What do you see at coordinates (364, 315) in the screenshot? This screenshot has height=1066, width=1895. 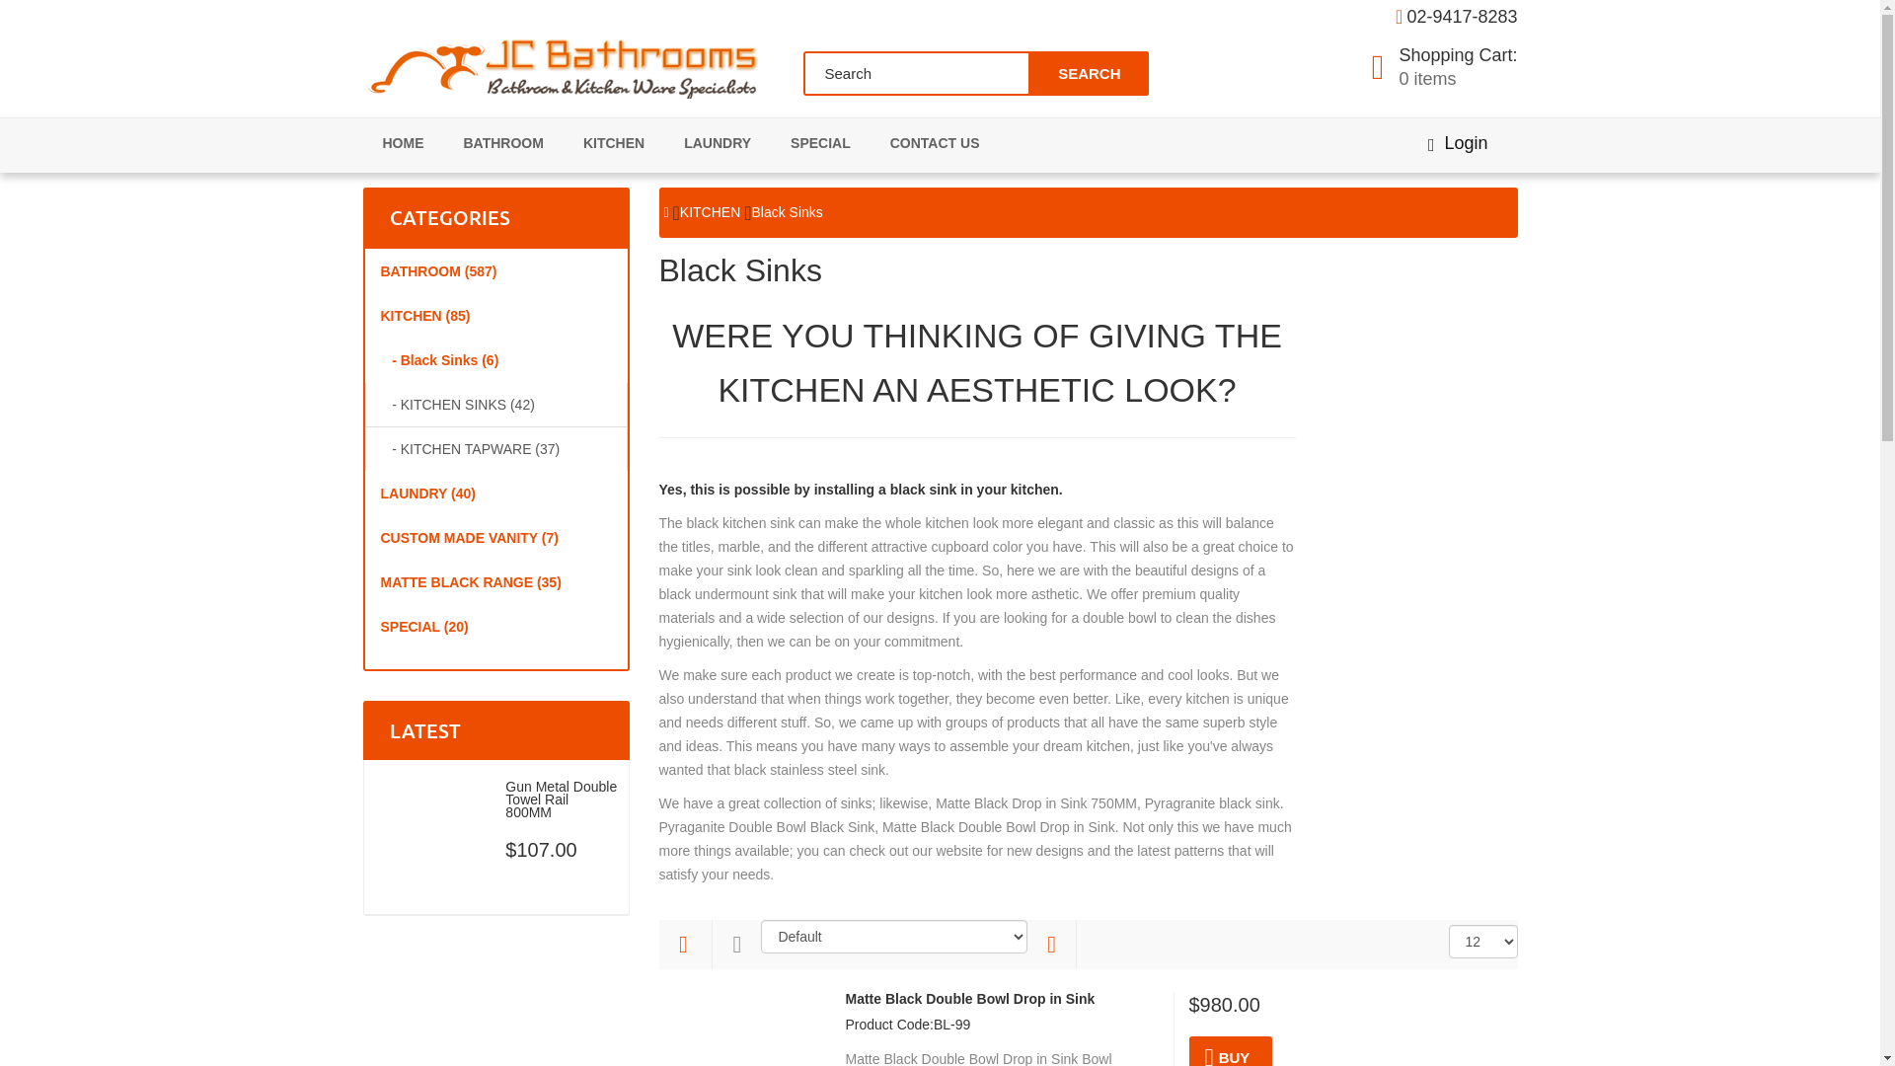 I see `'KITCHEN (85)'` at bounding box center [364, 315].